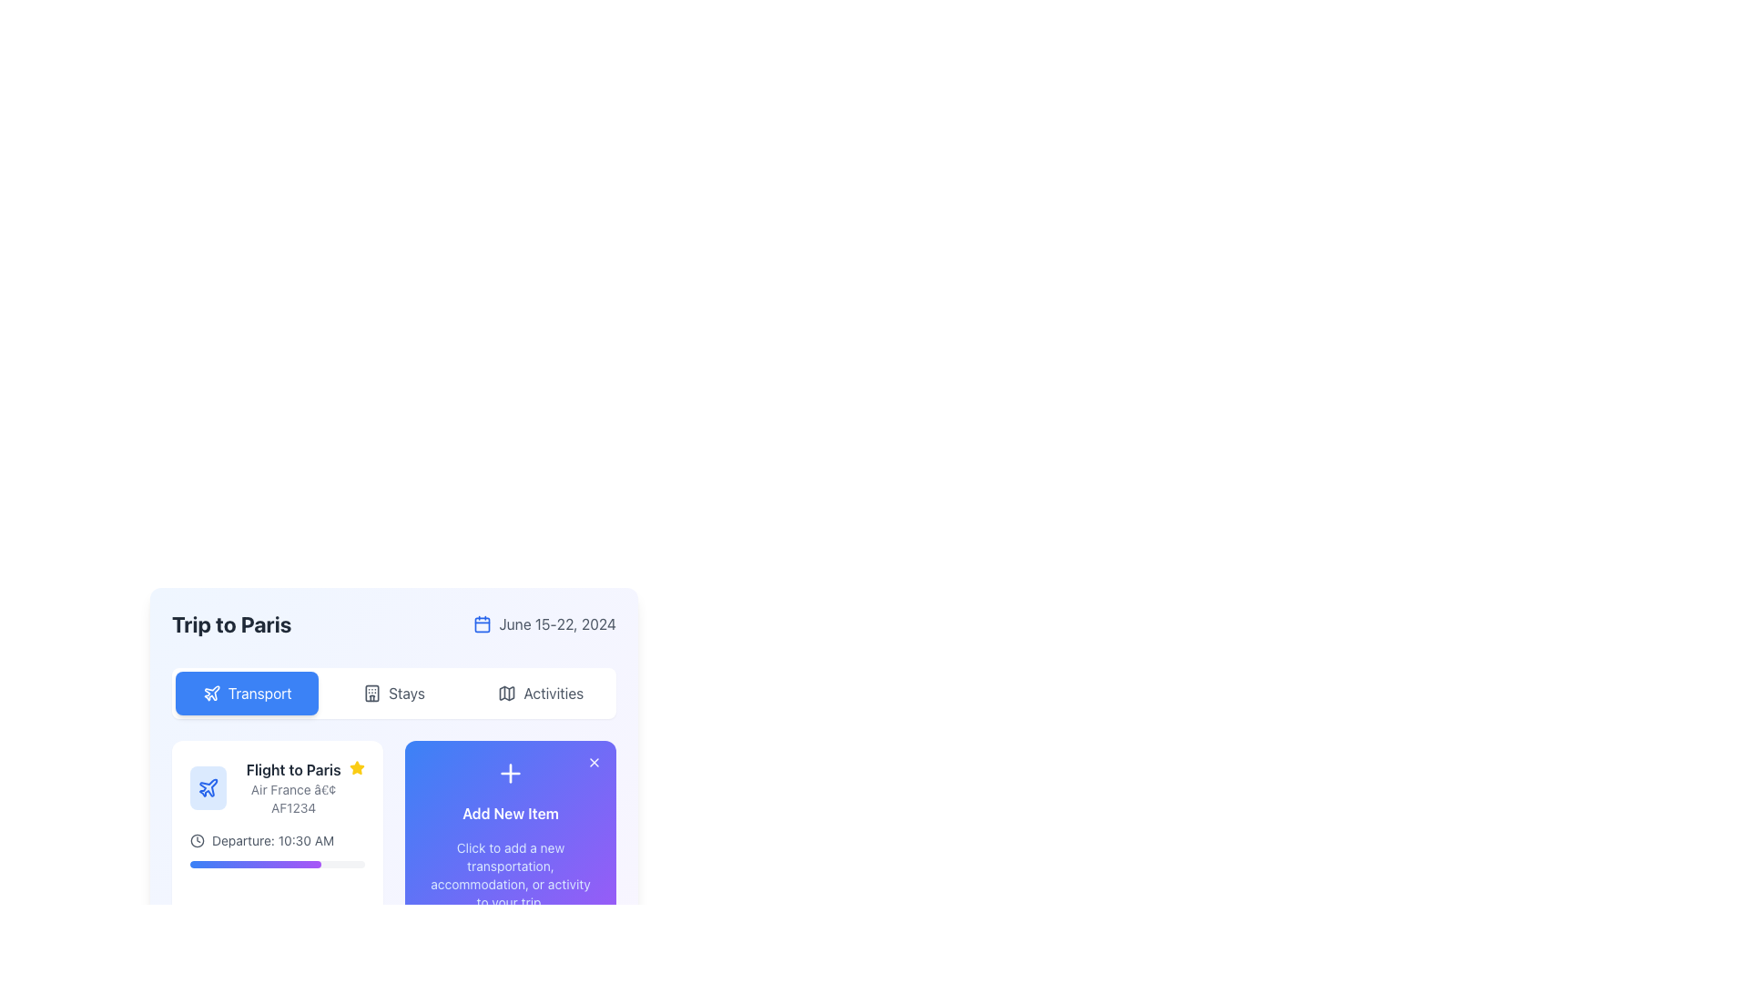 Image resolution: width=1748 pixels, height=983 pixels. Describe the element at coordinates (392, 623) in the screenshot. I see `the Header Section that contains the text 'Trip to Paris' and the date 'June 15-22, 2024' with a blue calendar icon by moving the cursor to its center point` at that location.